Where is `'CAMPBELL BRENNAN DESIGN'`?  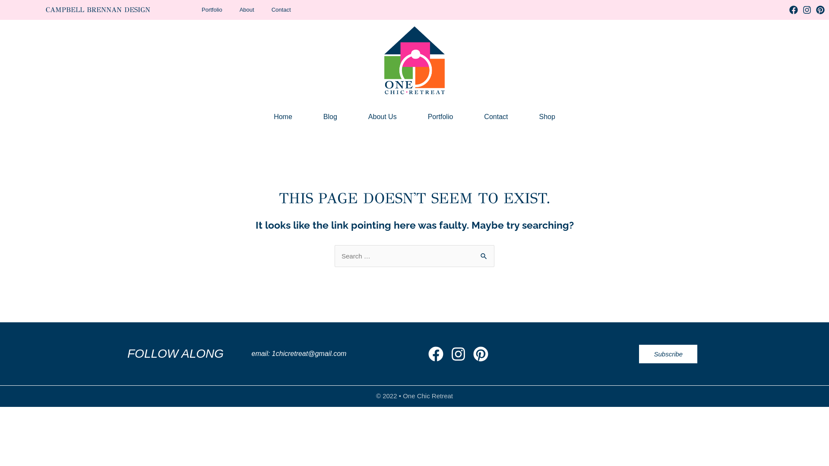 'CAMPBELL BRENNAN DESIGN' is located at coordinates (98, 9).